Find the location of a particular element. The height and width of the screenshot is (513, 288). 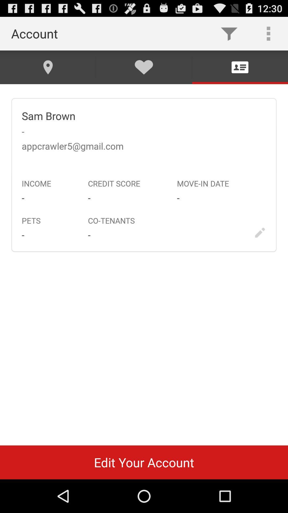

the app to the right of account icon is located at coordinates (229, 33).